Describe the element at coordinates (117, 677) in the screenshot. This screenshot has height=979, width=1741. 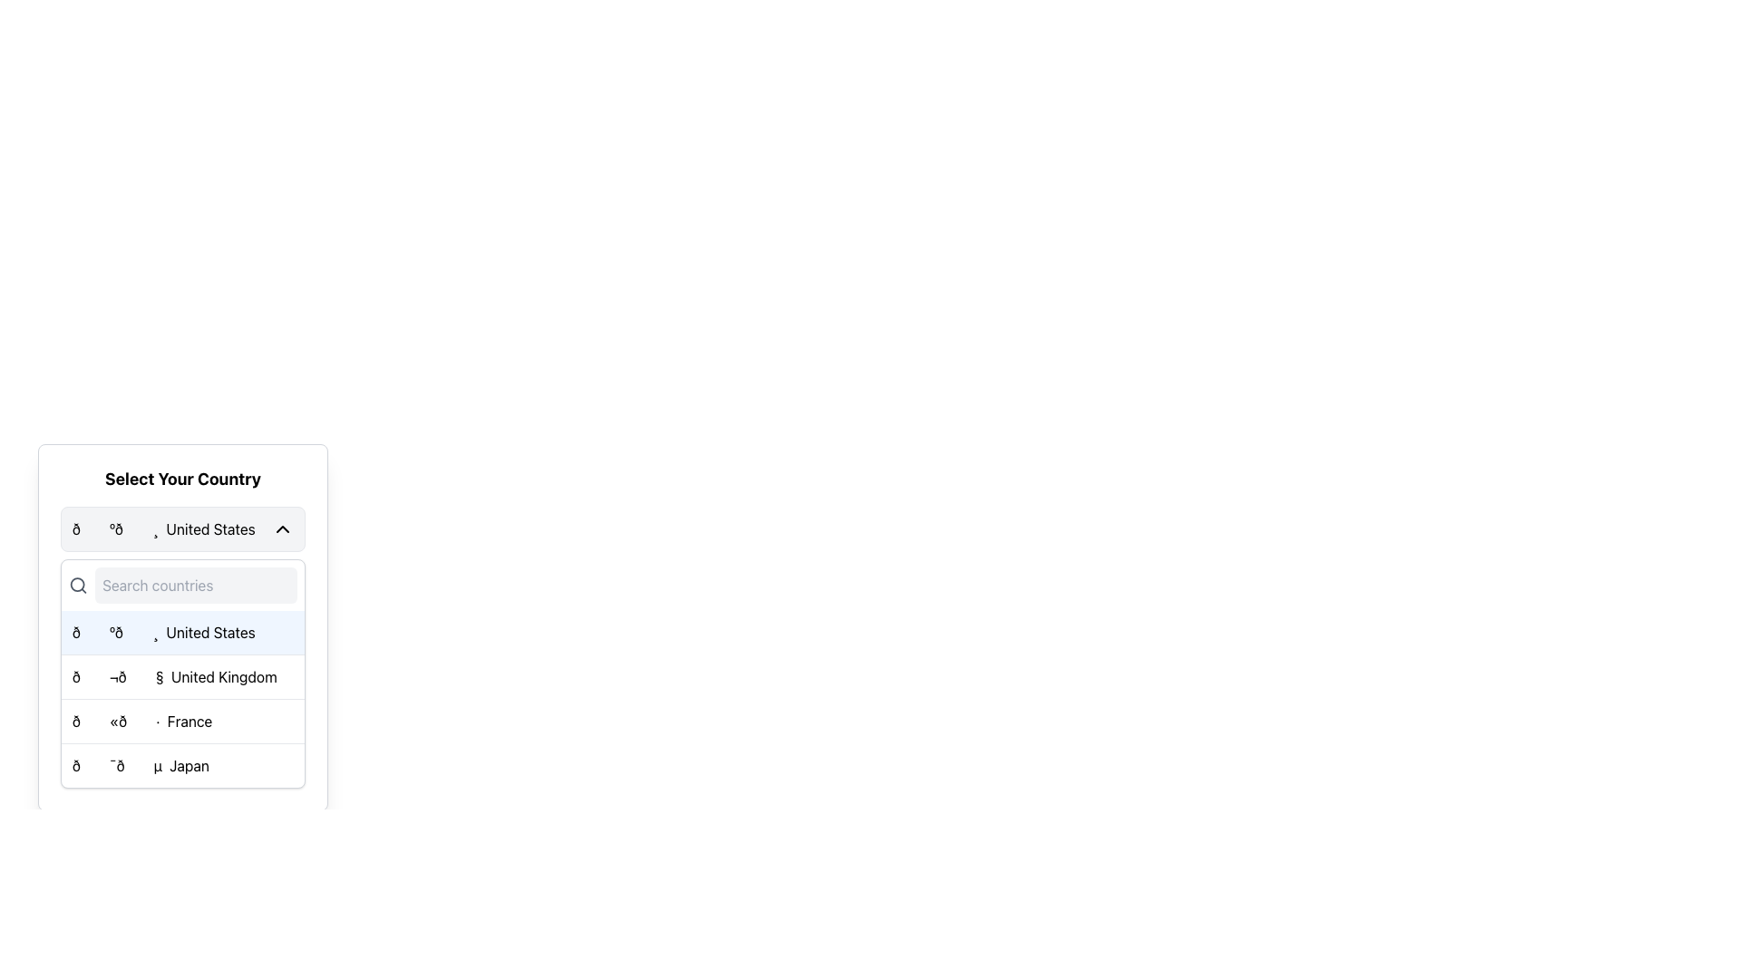
I see `the 'United Kingdom' country selection icon represented by an emoji-like flag symbol in the dropdown menu labeled 'Select Your Country'` at that location.